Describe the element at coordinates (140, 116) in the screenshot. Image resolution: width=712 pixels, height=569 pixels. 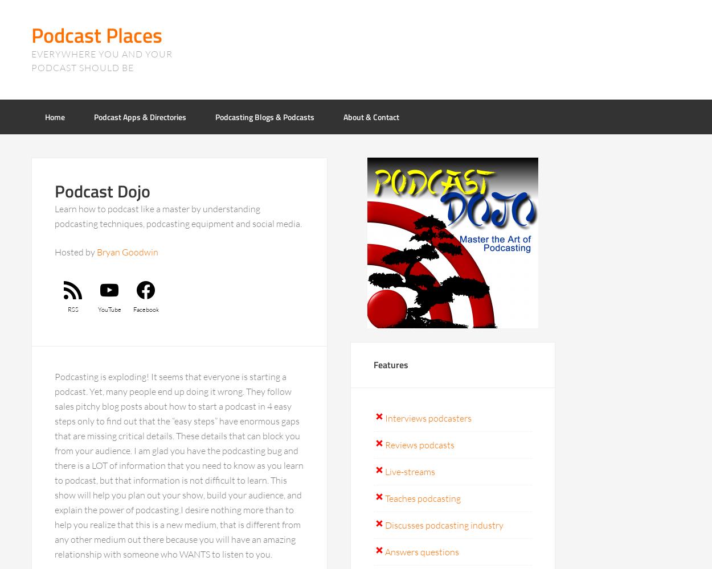
I see `'Podcast Apps & Directories'` at that location.